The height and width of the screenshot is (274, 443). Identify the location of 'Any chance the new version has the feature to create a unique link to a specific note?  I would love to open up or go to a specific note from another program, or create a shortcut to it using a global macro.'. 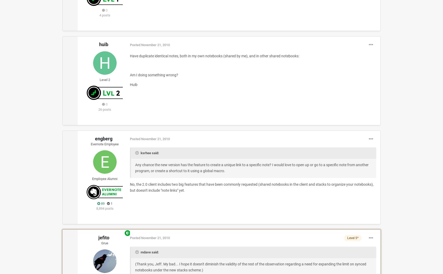
(251, 168).